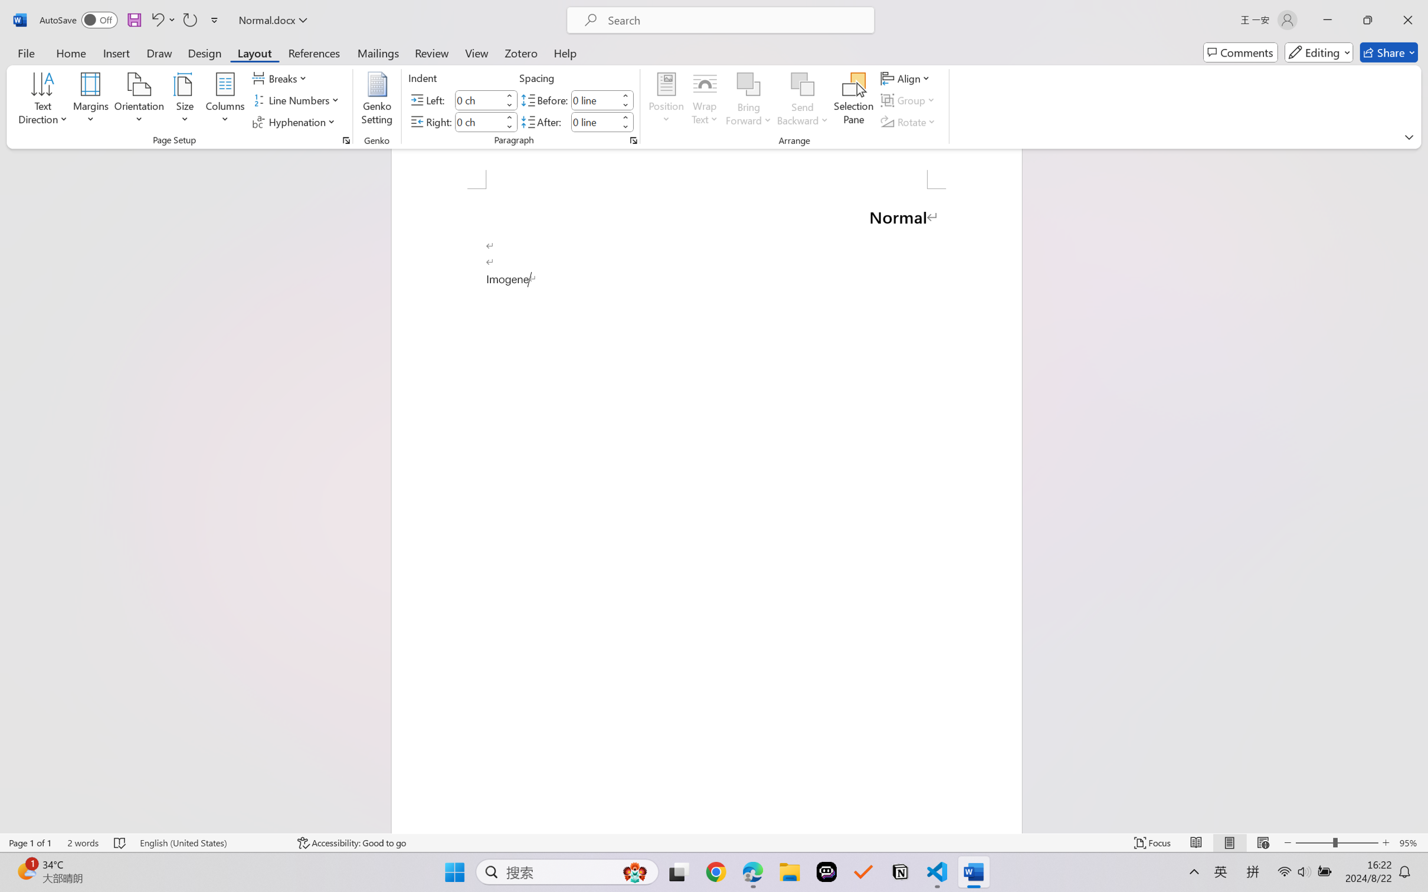 The image size is (1428, 892). I want to click on 'Less', so click(625, 126).